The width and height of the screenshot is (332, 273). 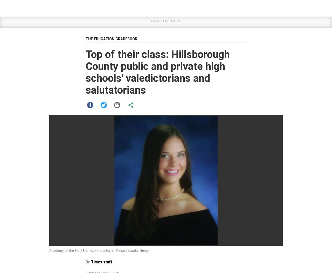 I want to click on 'tampabay.com', so click(x=107, y=266).